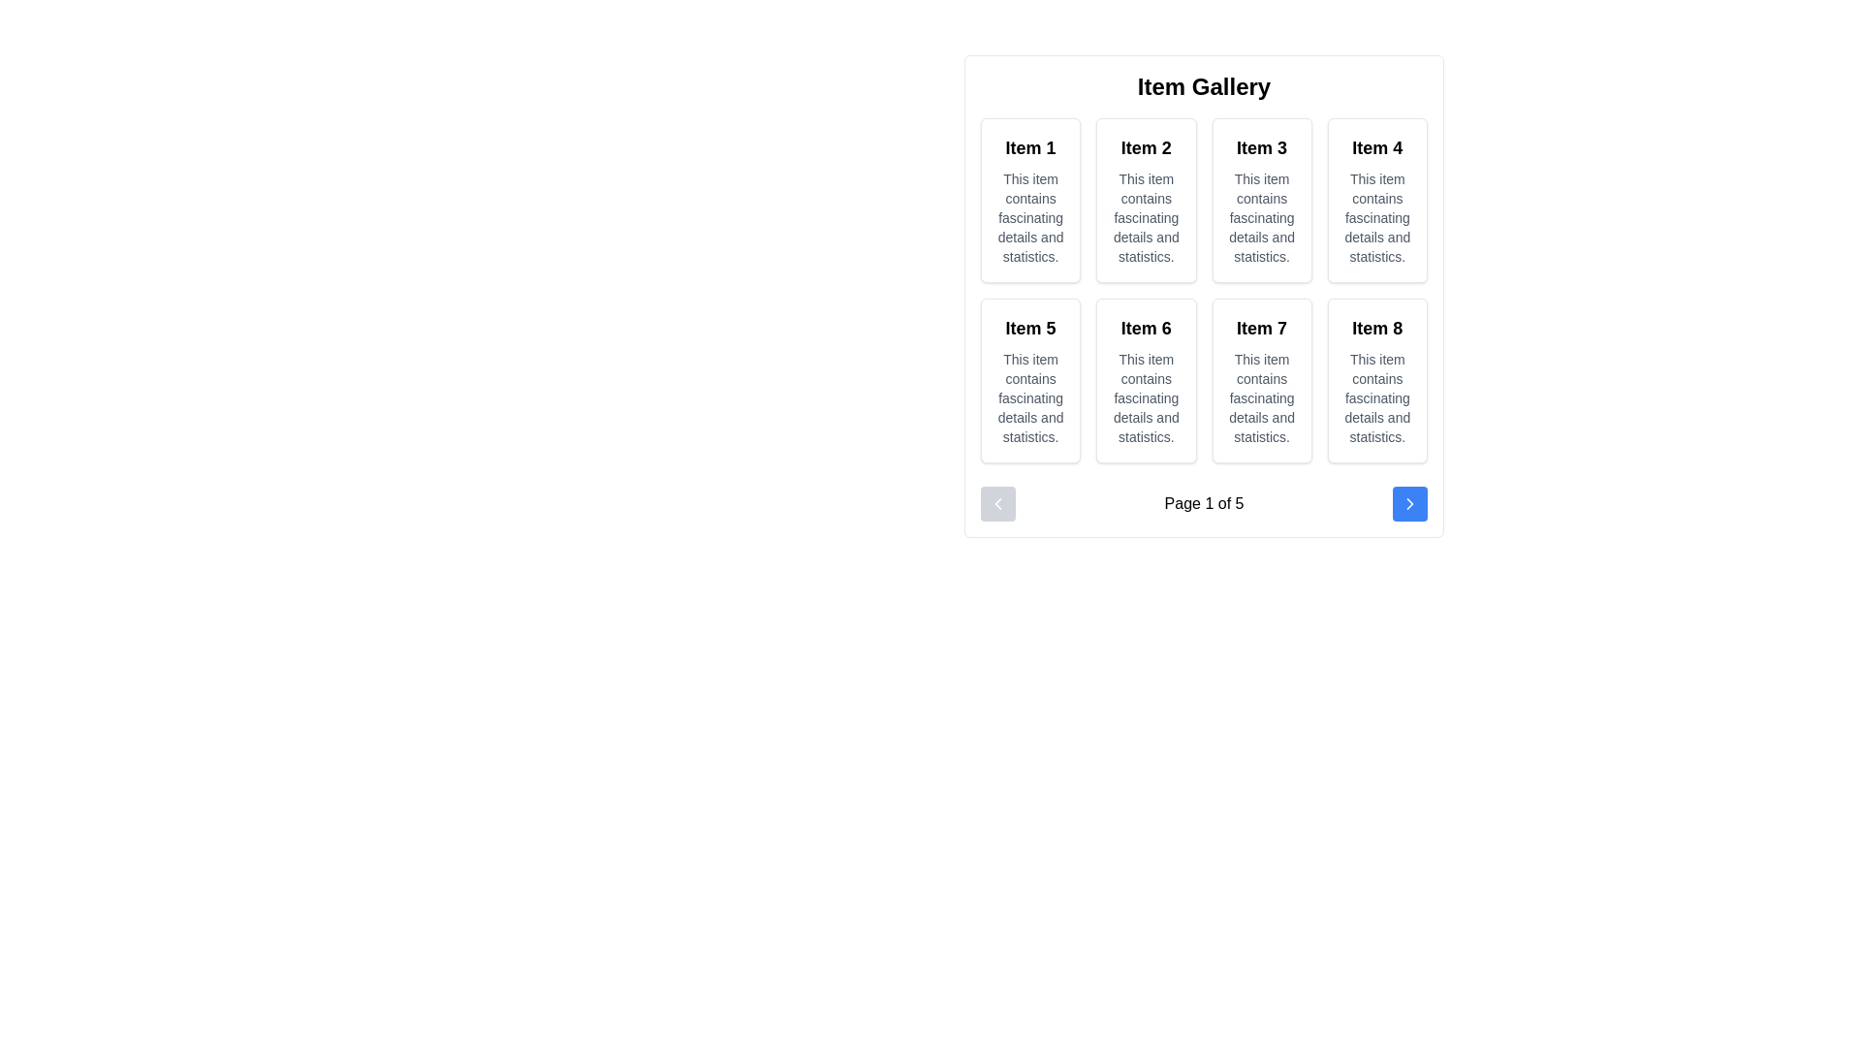  I want to click on text from the bold text label 'Item 4' located in the first row, fourth column of the 2x4 grid layout, so click(1376, 147).